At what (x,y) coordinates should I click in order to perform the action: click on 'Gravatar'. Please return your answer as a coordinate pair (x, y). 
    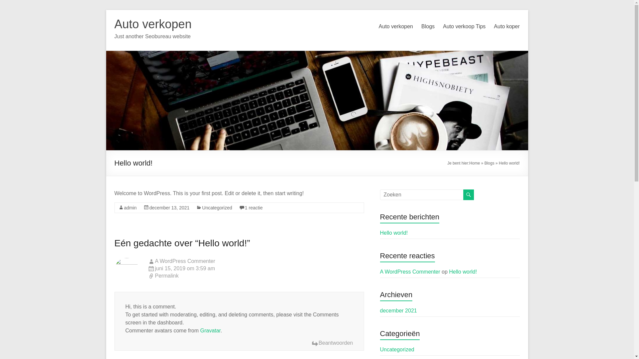
    Looking at the image, I should click on (210, 330).